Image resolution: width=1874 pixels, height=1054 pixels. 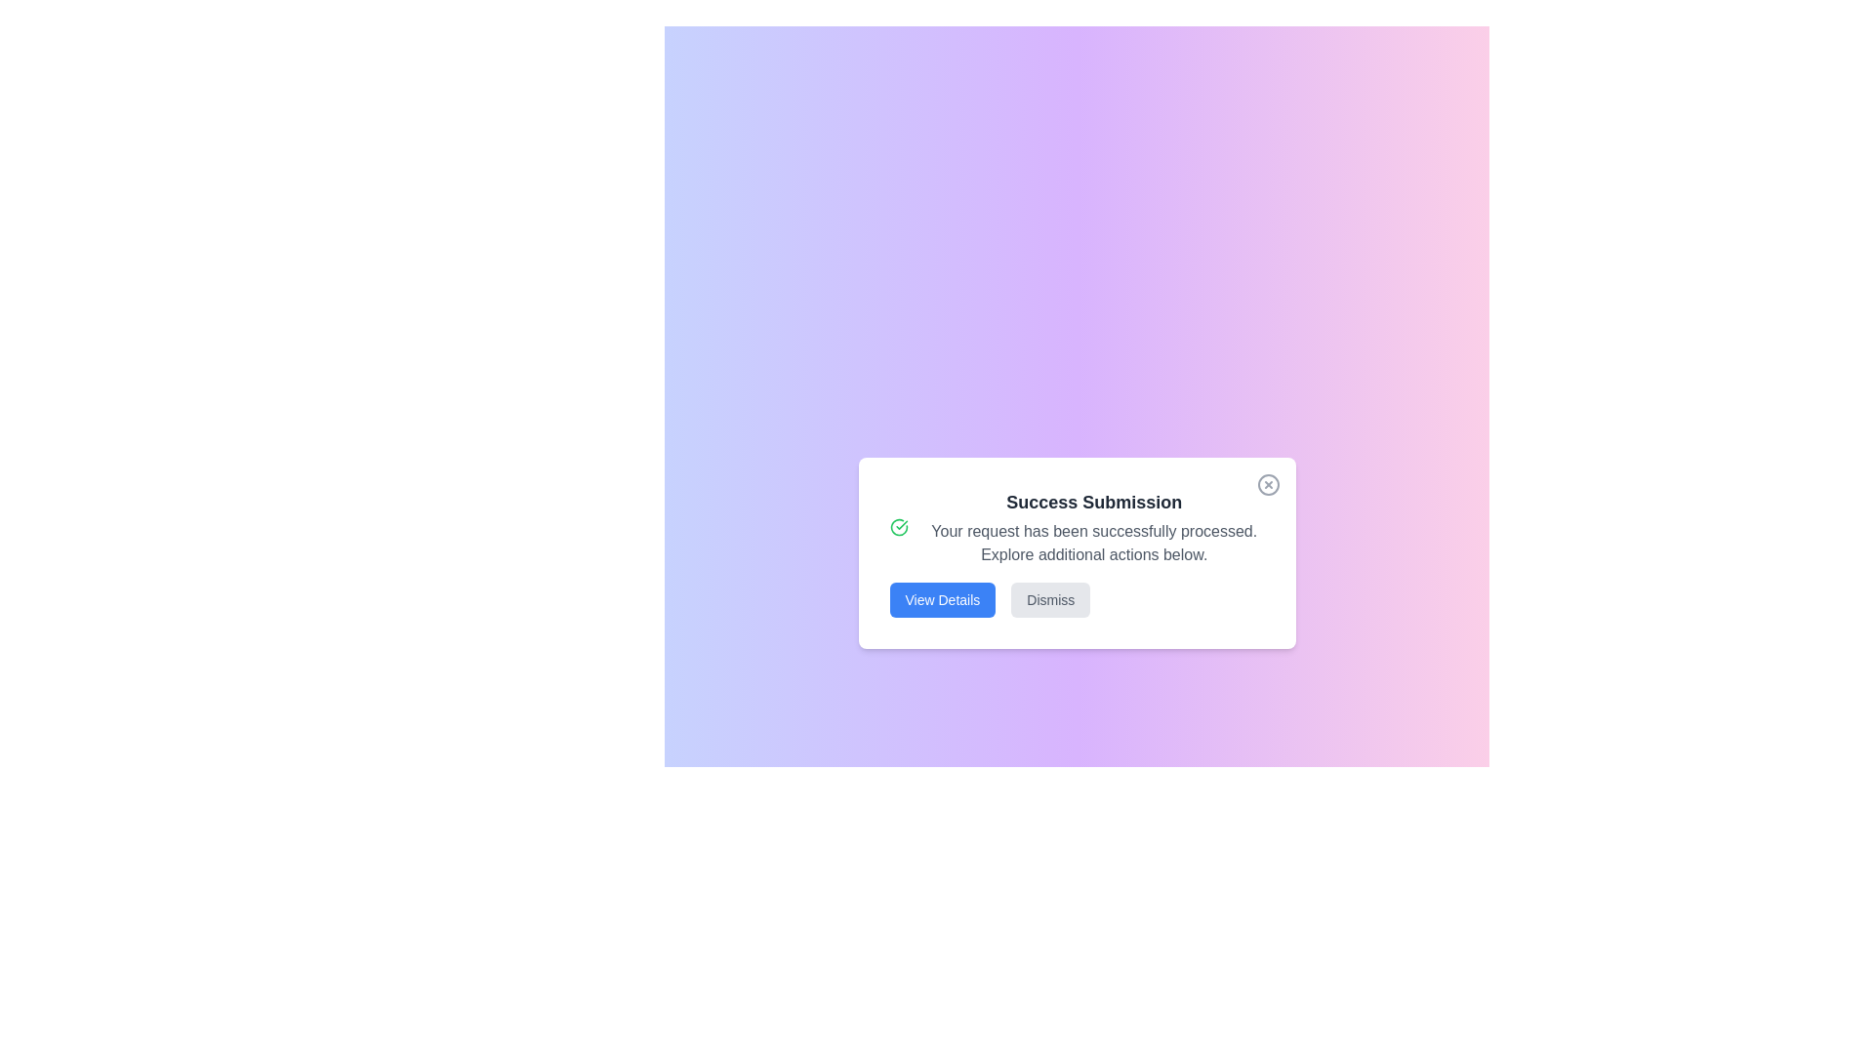 I want to click on the confirmation feedback text block located directly below the 'Success Submission' title in the dialog box, so click(x=1094, y=543).